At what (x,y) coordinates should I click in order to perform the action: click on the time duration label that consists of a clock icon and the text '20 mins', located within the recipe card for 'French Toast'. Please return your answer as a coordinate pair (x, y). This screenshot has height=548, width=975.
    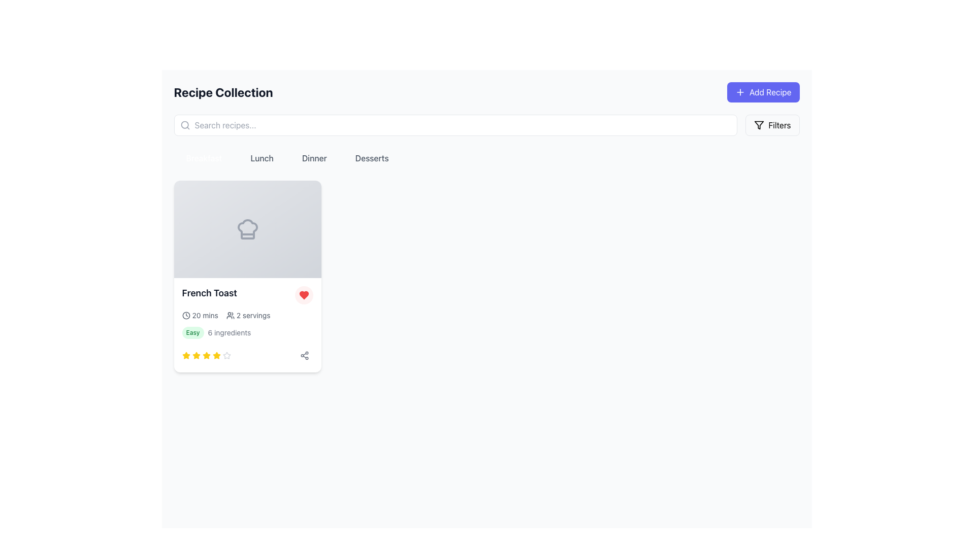
    Looking at the image, I should click on (200, 315).